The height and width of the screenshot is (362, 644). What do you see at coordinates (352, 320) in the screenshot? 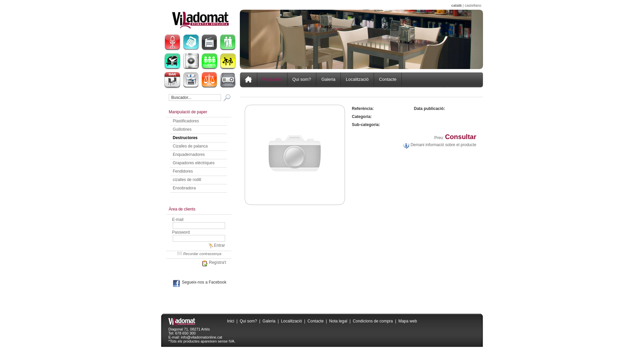
I see `'Condicions de compra'` at bounding box center [352, 320].